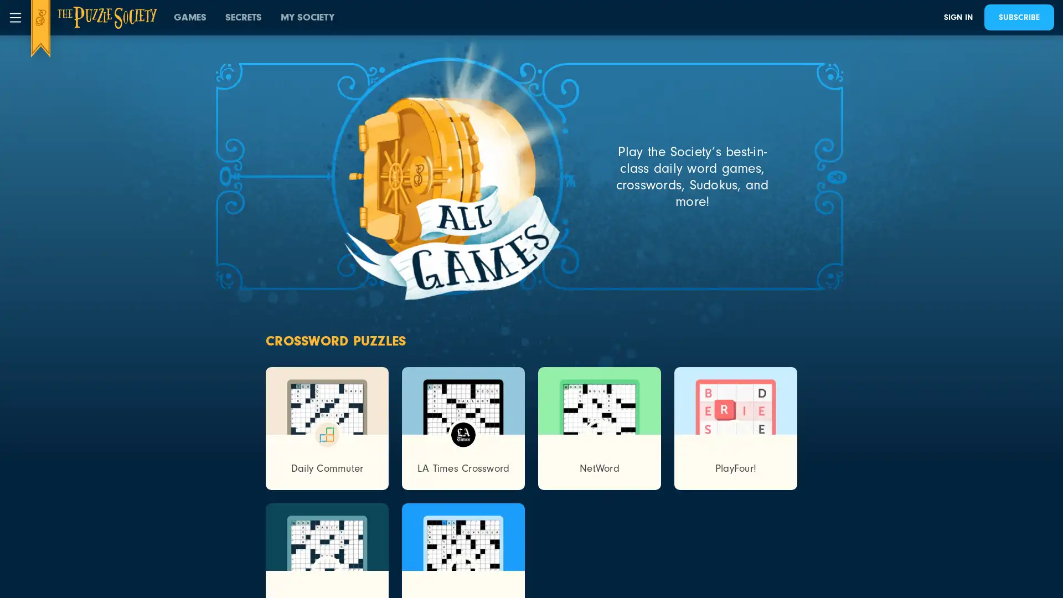 The height and width of the screenshot is (598, 1063). I want to click on SECRETS, so click(243, 17).